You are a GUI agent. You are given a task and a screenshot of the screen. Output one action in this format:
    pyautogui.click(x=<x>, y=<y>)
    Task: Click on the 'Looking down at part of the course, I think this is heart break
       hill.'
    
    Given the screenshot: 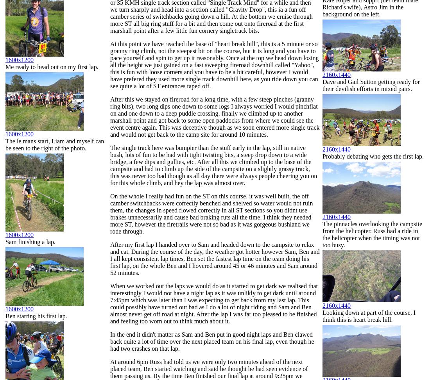 What is the action you would take?
    pyautogui.click(x=322, y=316)
    